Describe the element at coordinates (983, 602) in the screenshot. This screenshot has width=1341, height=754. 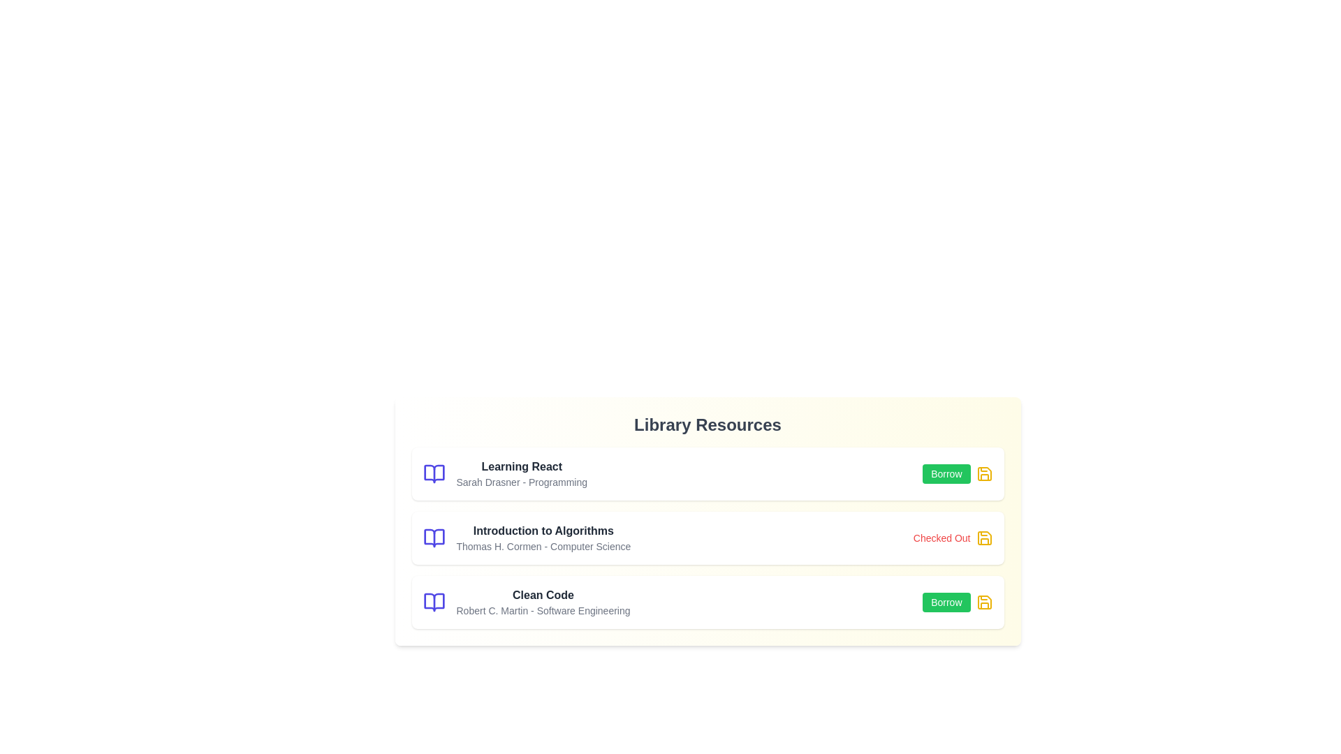
I see `'Save' icon for the resource titled 'Clean Code'` at that location.